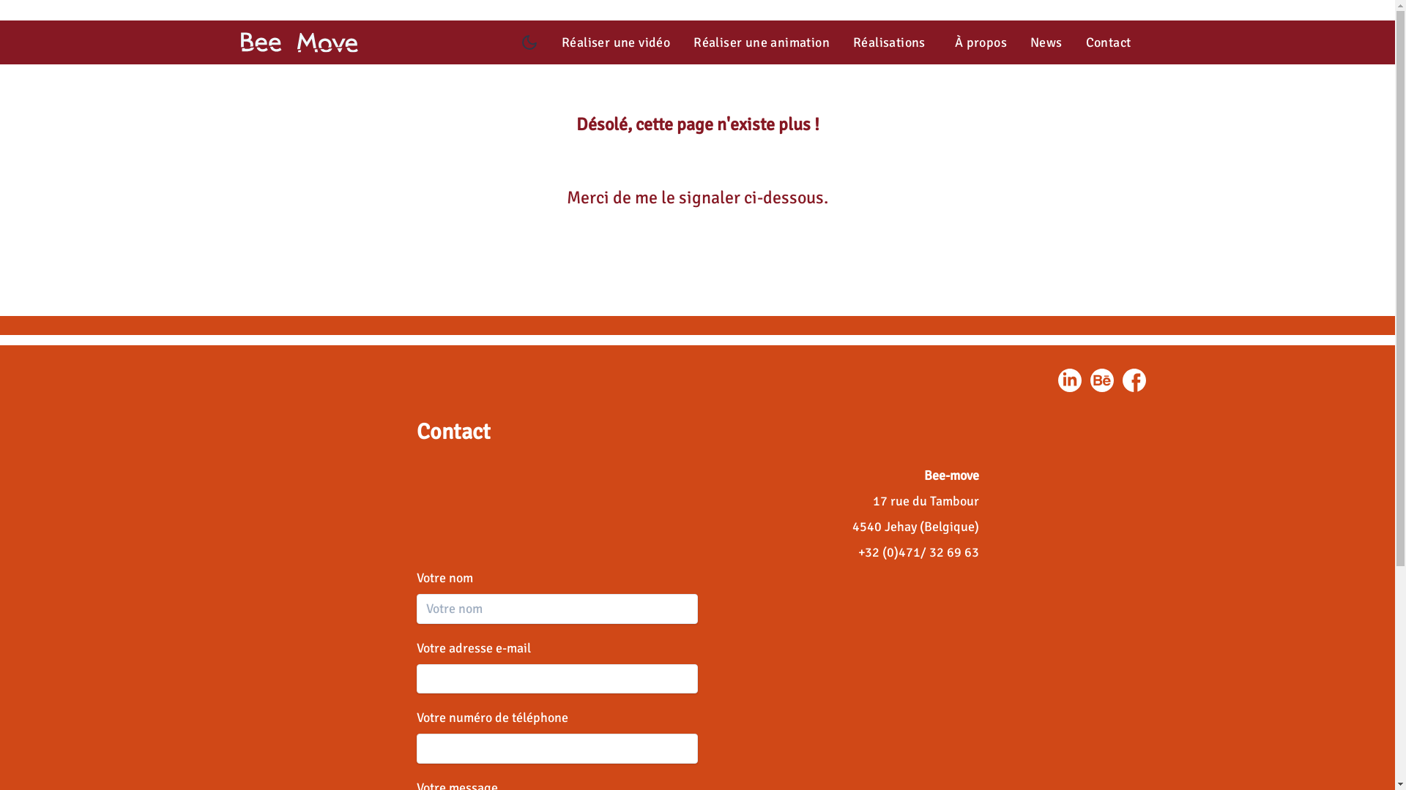 The width and height of the screenshot is (1406, 790). What do you see at coordinates (1108, 41) in the screenshot?
I see `'Contact'` at bounding box center [1108, 41].